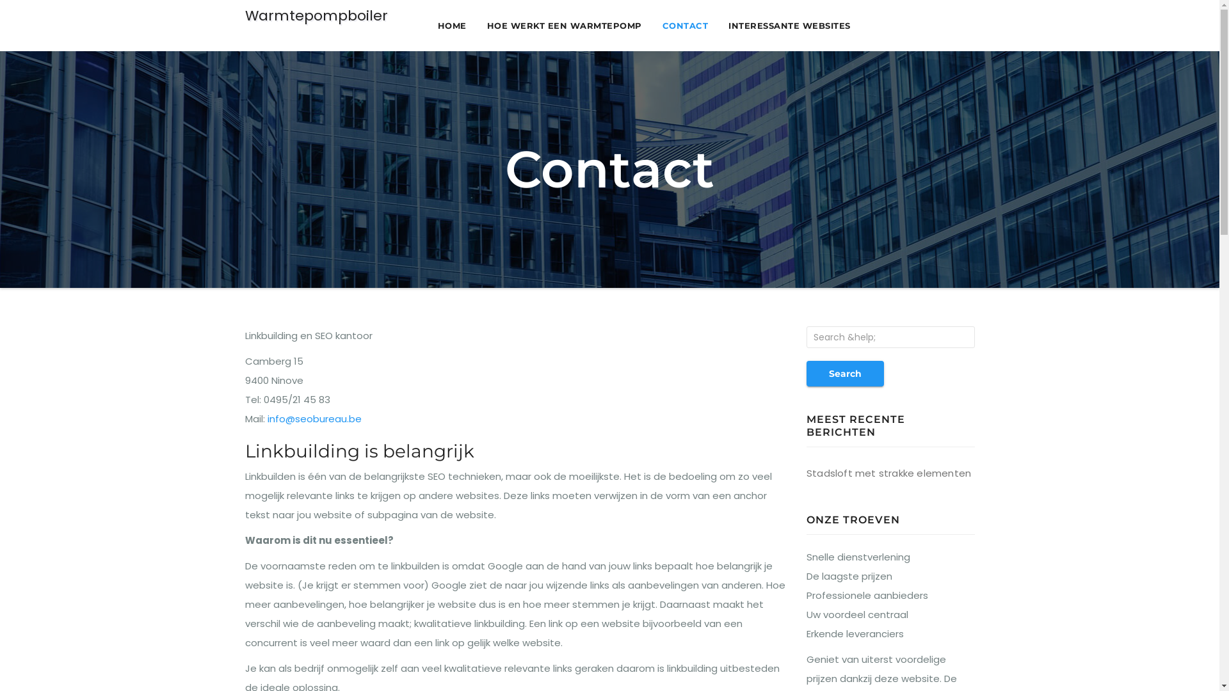 The width and height of the screenshot is (1229, 691). What do you see at coordinates (316, 15) in the screenshot?
I see `'Warmtepompboiler'` at bounding box center [316, 15].